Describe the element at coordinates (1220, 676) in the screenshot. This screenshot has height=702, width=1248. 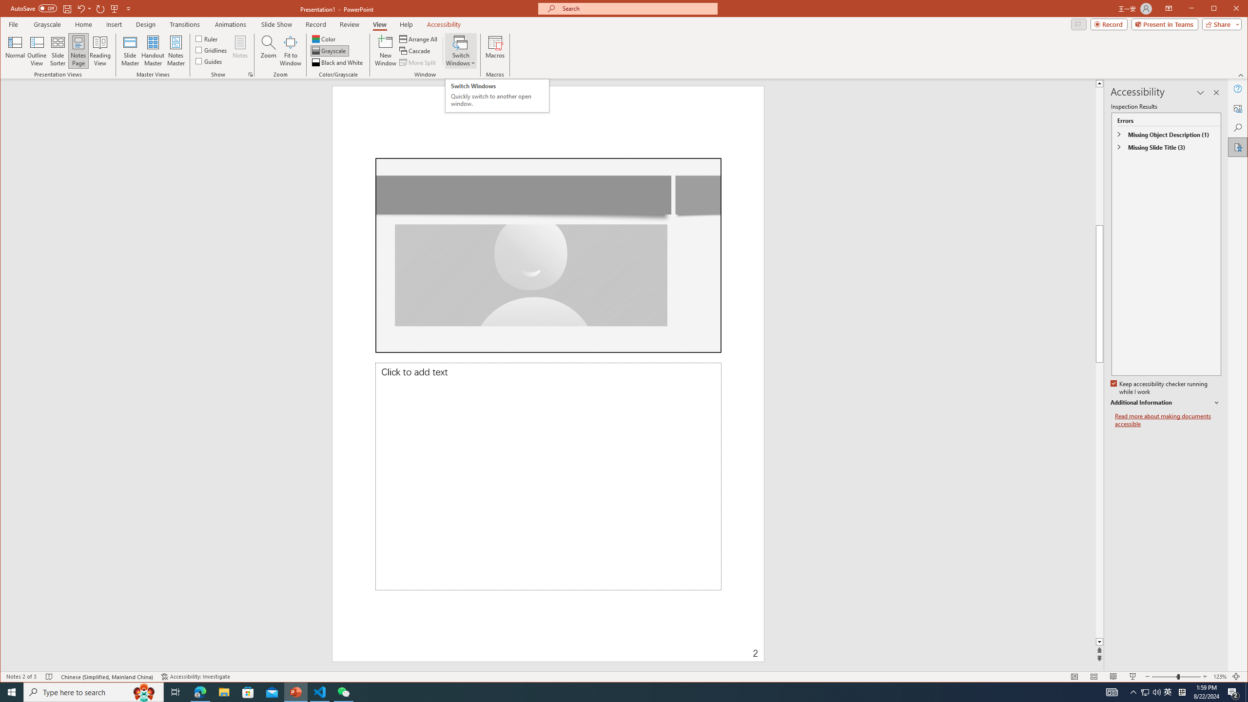
I see `'Zoom 123%'` at that location.